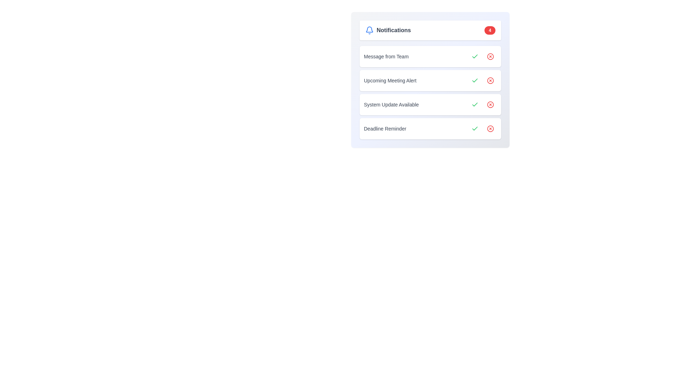 The image size is (679, 382). Describe the element at coordinates (490, 128) in the screenshot. I see `the 'delete' button located on the right side of the 'Deadline Reminder' notification line` at that location.